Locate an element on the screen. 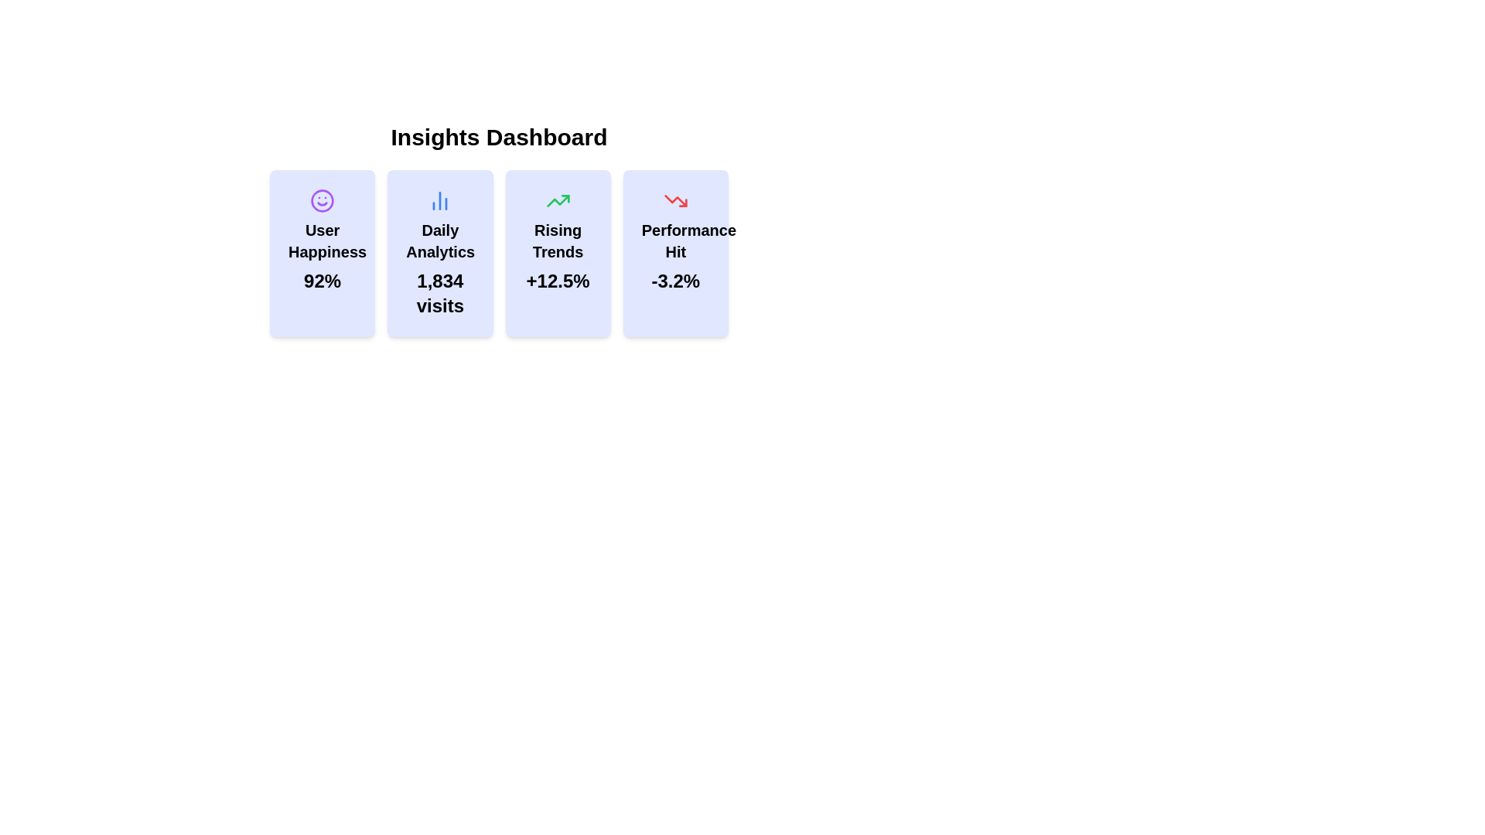 The width and height of the screenshot is (1485, 835). the bold, black text reading 'Rising Trends' which is centered within a light blue card in the Insights Dashboard is located at coordinates (557, 241).